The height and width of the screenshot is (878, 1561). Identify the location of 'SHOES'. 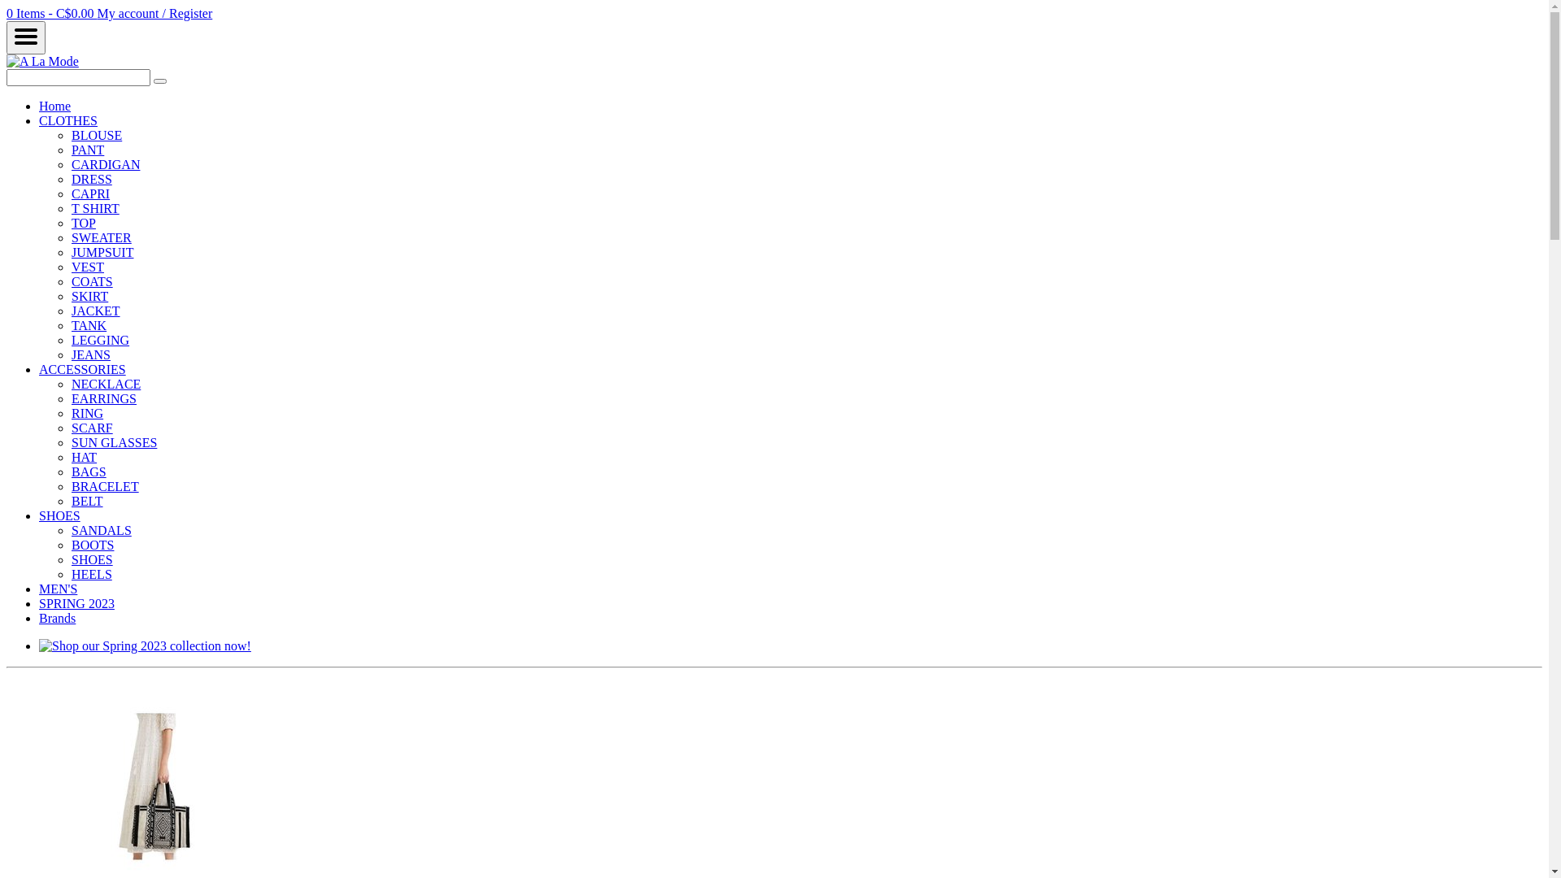
(59, 515).